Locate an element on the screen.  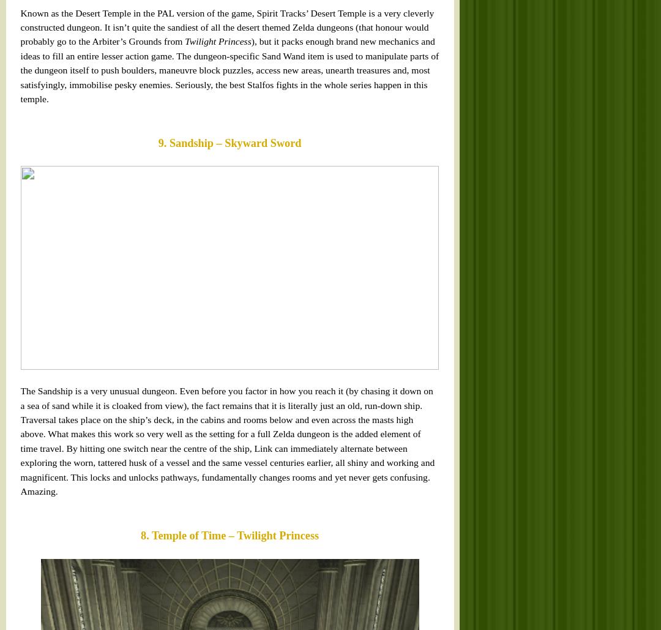
'TP' is located at coordinates (225, 178).